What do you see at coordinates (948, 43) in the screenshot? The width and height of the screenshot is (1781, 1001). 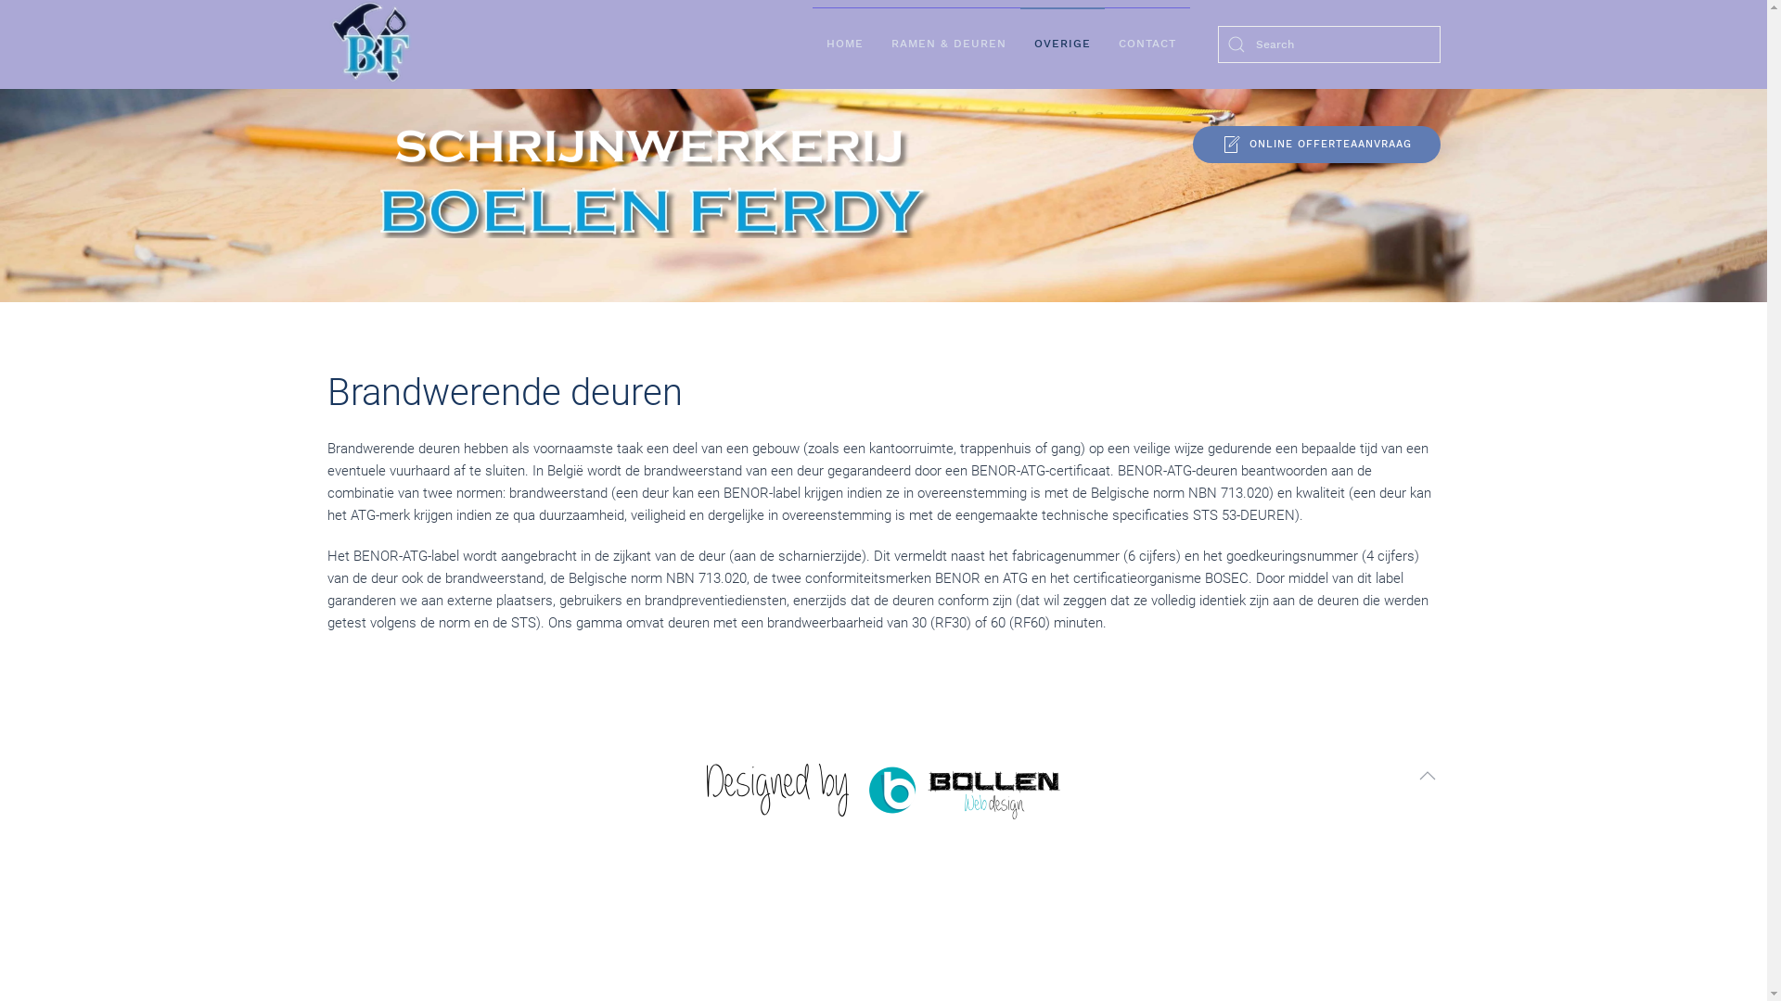 I see `'RAMEN & DEUREN'` at bounding box center [948, 43].